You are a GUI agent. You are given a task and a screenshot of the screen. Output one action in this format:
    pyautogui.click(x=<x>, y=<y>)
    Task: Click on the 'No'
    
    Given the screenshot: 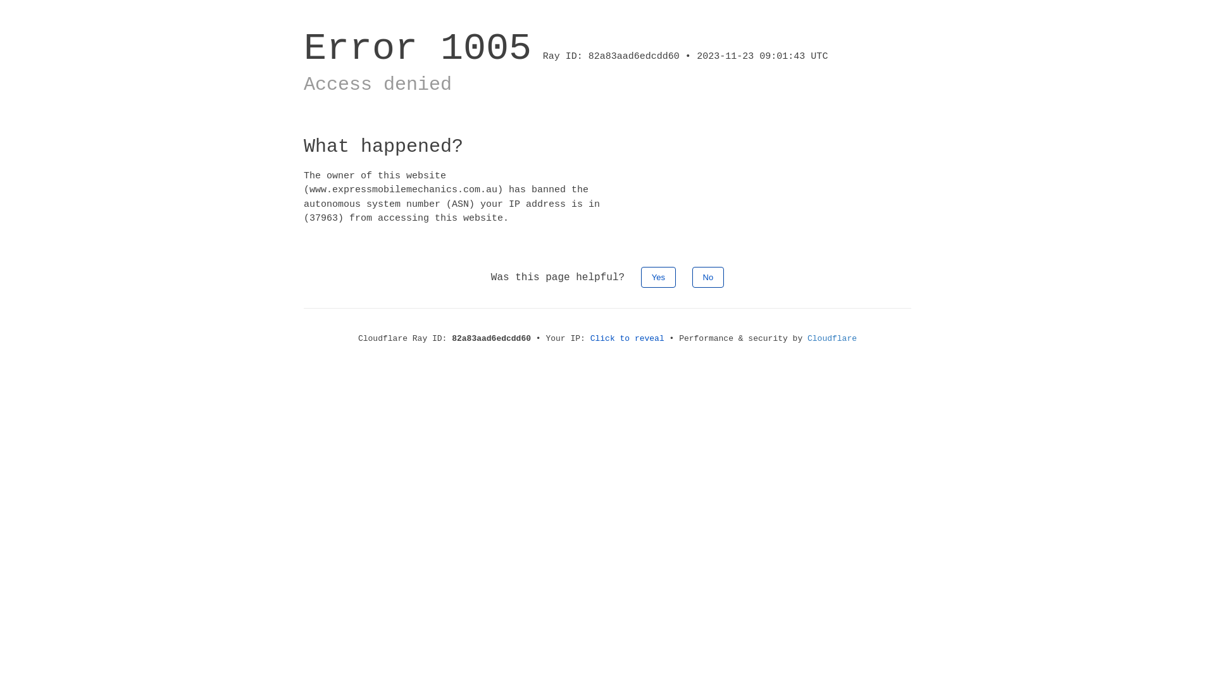 What is the action you would take?
    pyautogui.click(x=692, y=276)
    